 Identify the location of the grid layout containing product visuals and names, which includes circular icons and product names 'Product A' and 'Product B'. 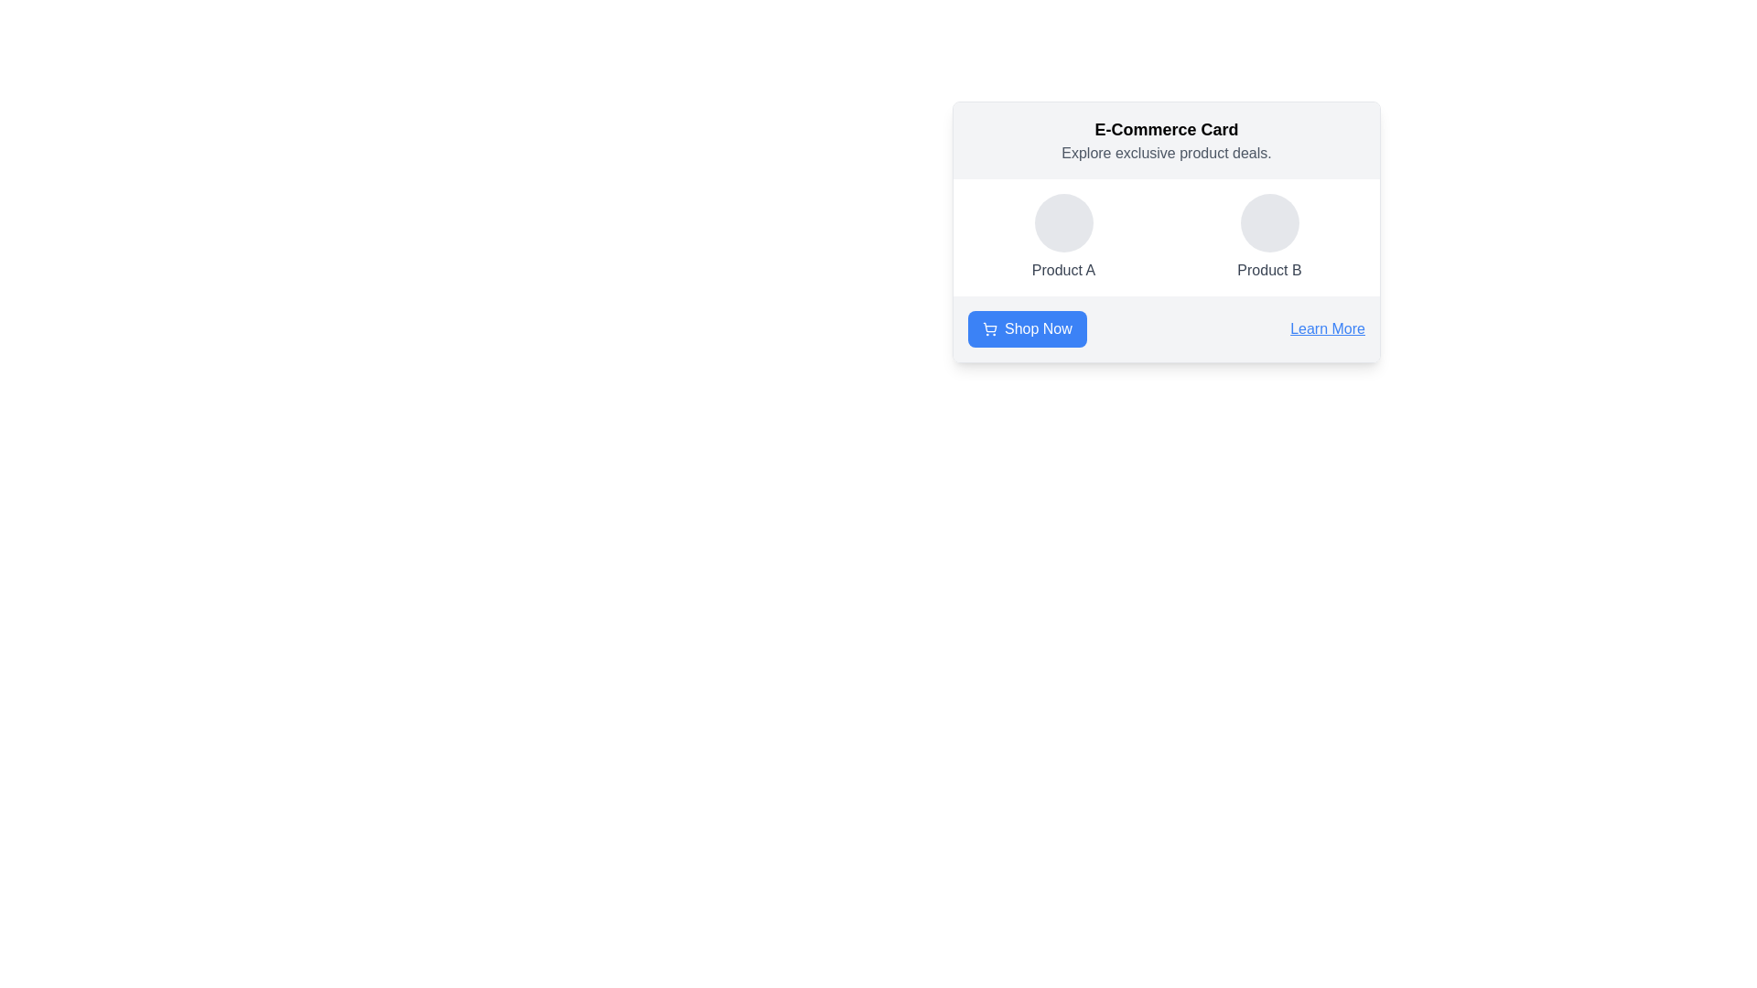
(1166, 236).